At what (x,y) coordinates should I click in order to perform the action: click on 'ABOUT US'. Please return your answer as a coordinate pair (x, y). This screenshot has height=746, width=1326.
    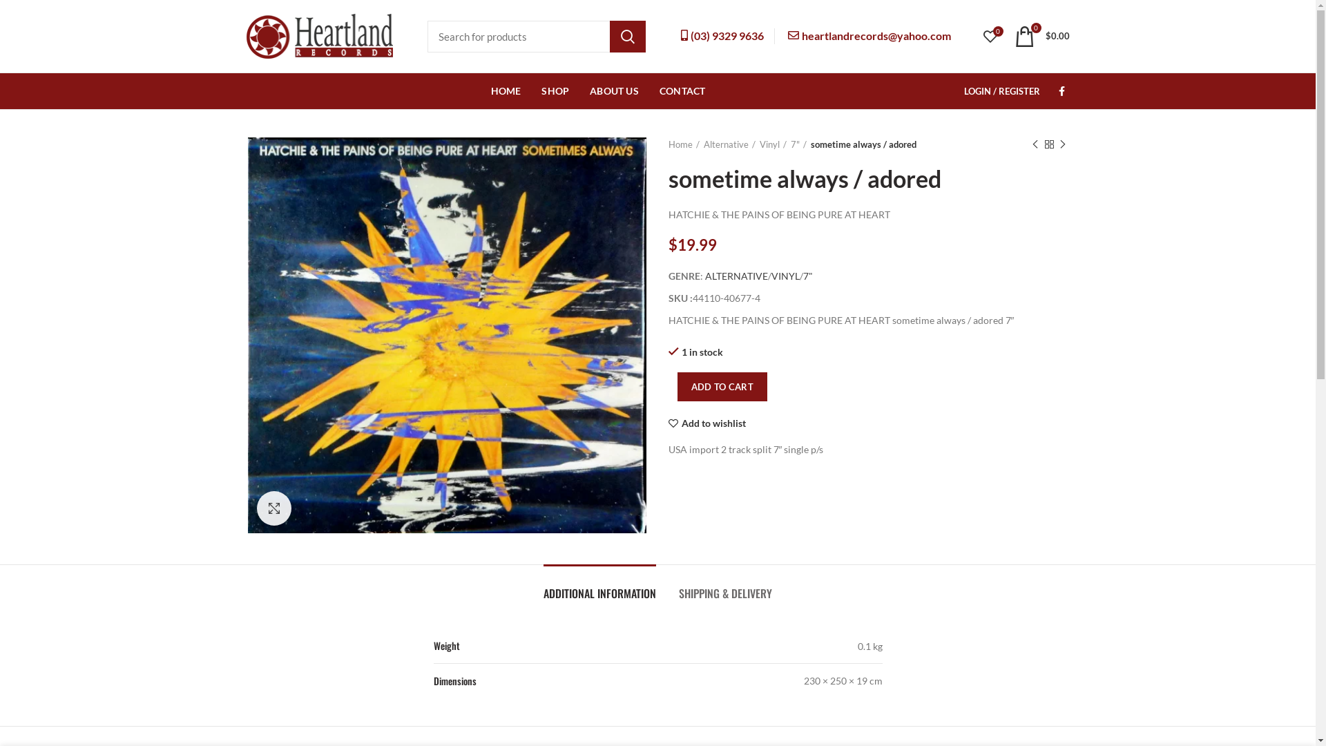
    Looking at the image, I should click on (613, 90).